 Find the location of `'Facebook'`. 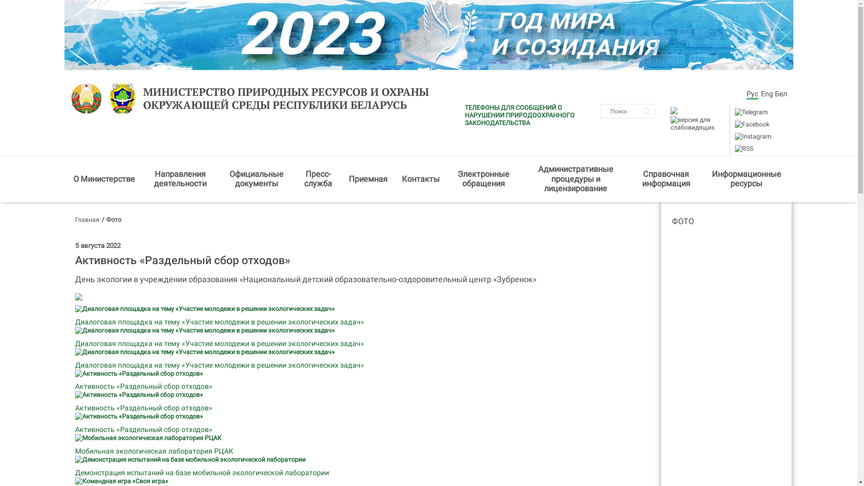

'Facebook' is located at coordinates (751, 124).